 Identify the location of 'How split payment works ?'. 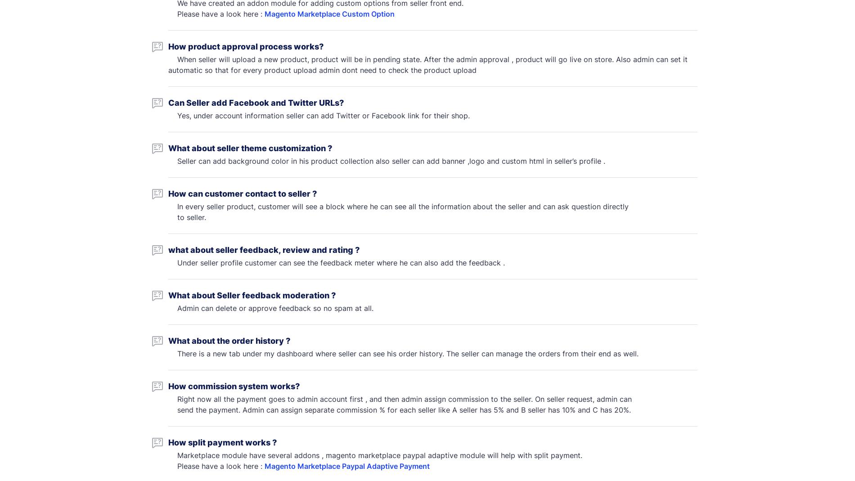
(222, 442).